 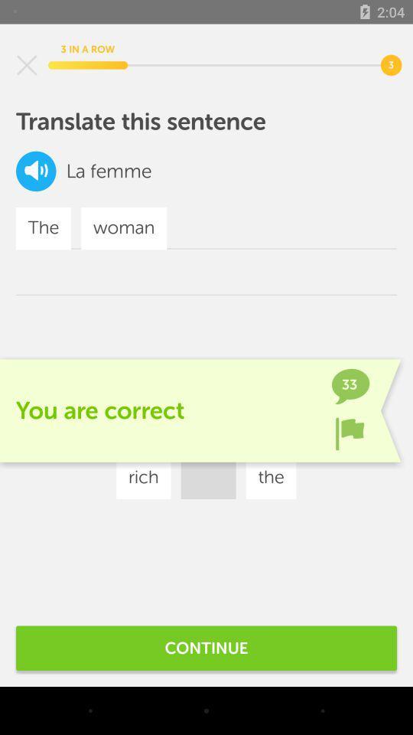 What do you see at coordinates (75, 171) in the screenshot?
I see `the la icon` at bounding box center [75, 171].